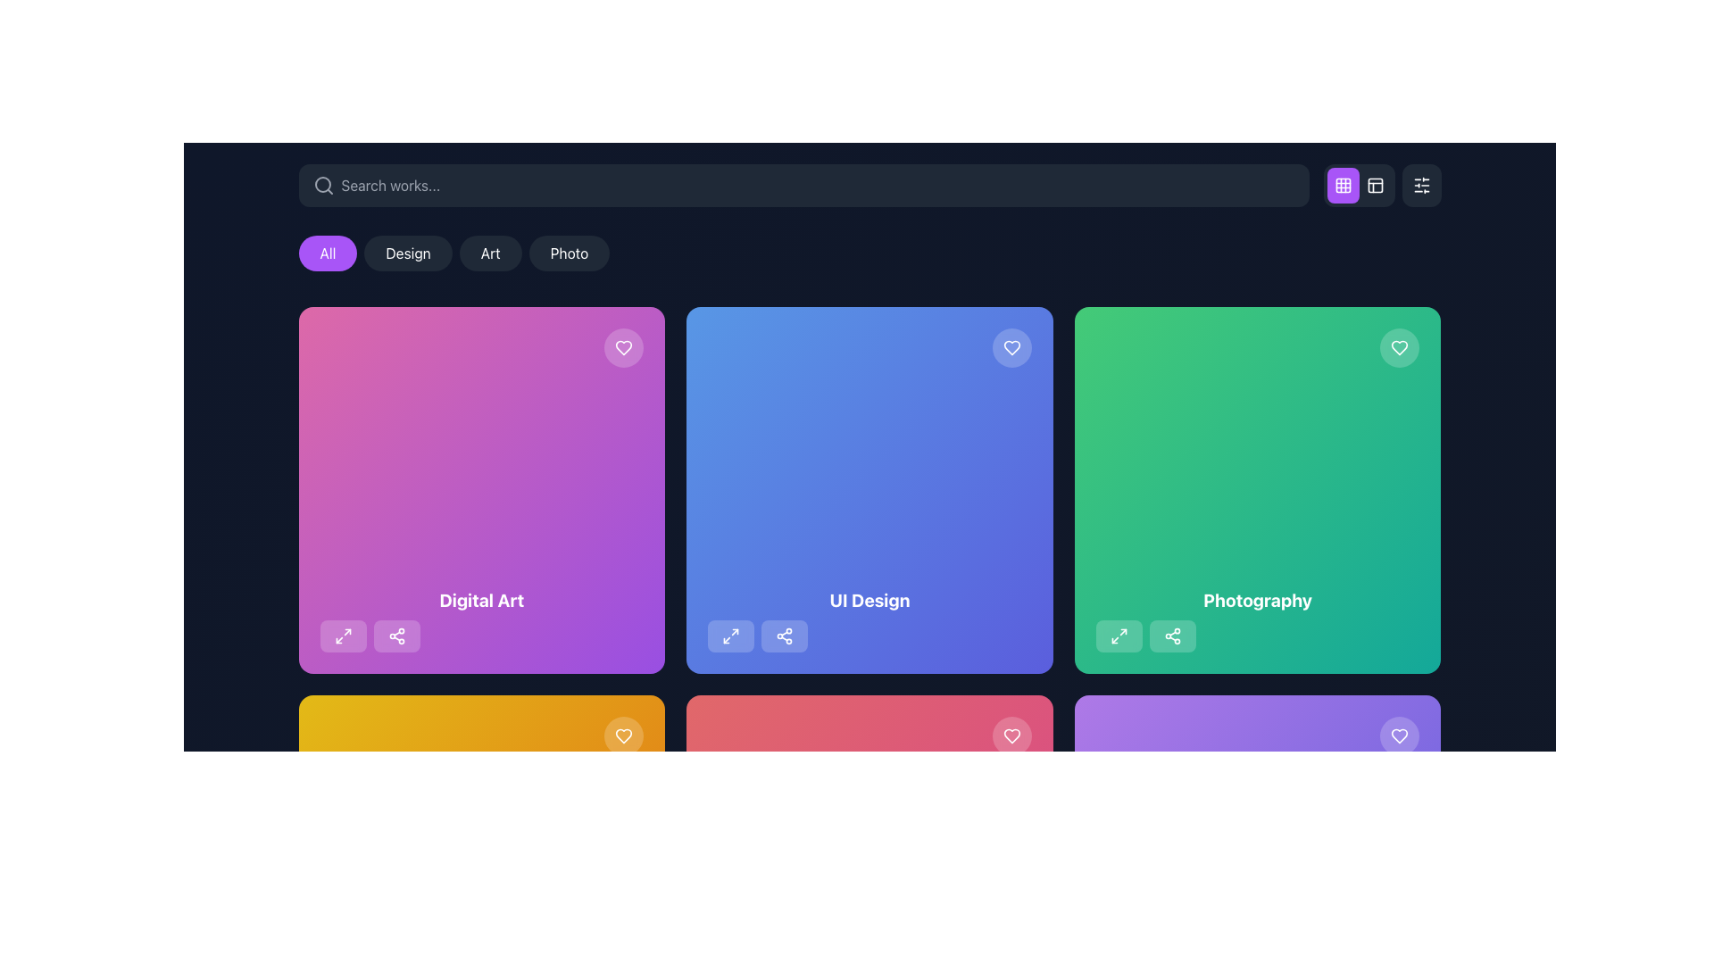 The width and height of the screenshot is (1714, 964). What do you see at coordinates (395, 635) in the screenshot?
I see `the share icon, which is the second button from the left within the rounded rectangle overlay at the bottom left corner of the 'Digital Art' card` at bounding box center [395, 635].